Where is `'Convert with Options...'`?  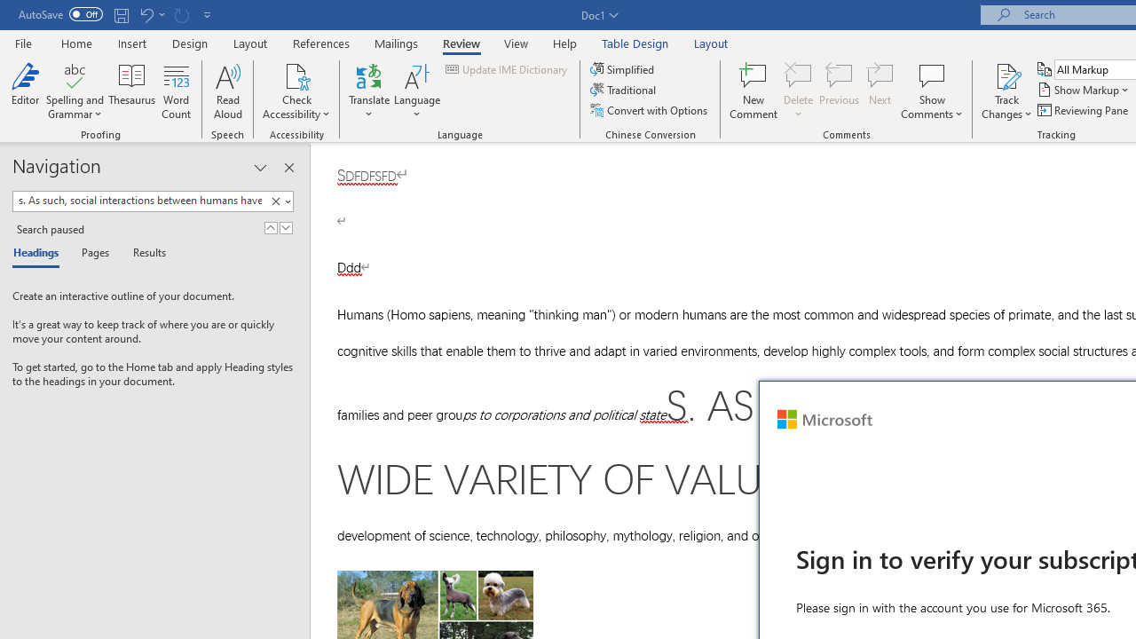
'Convert with Options...' is located at coordinates (649, 110).